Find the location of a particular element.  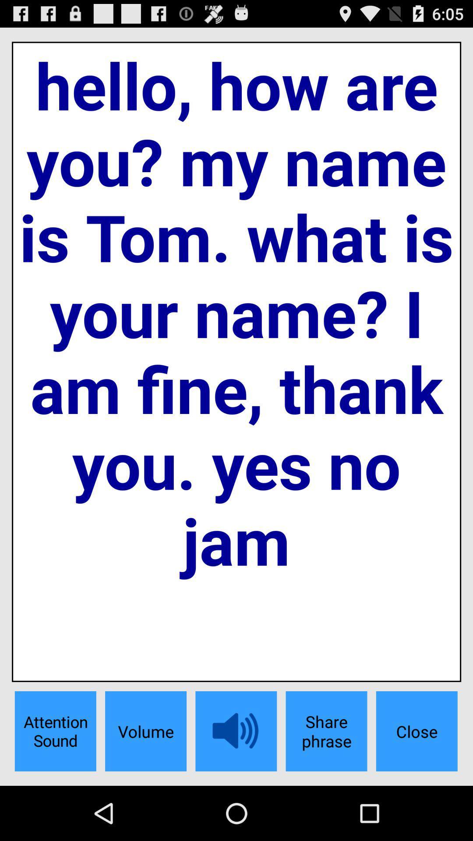

item below hello how are is located at coordinates (55, 731).